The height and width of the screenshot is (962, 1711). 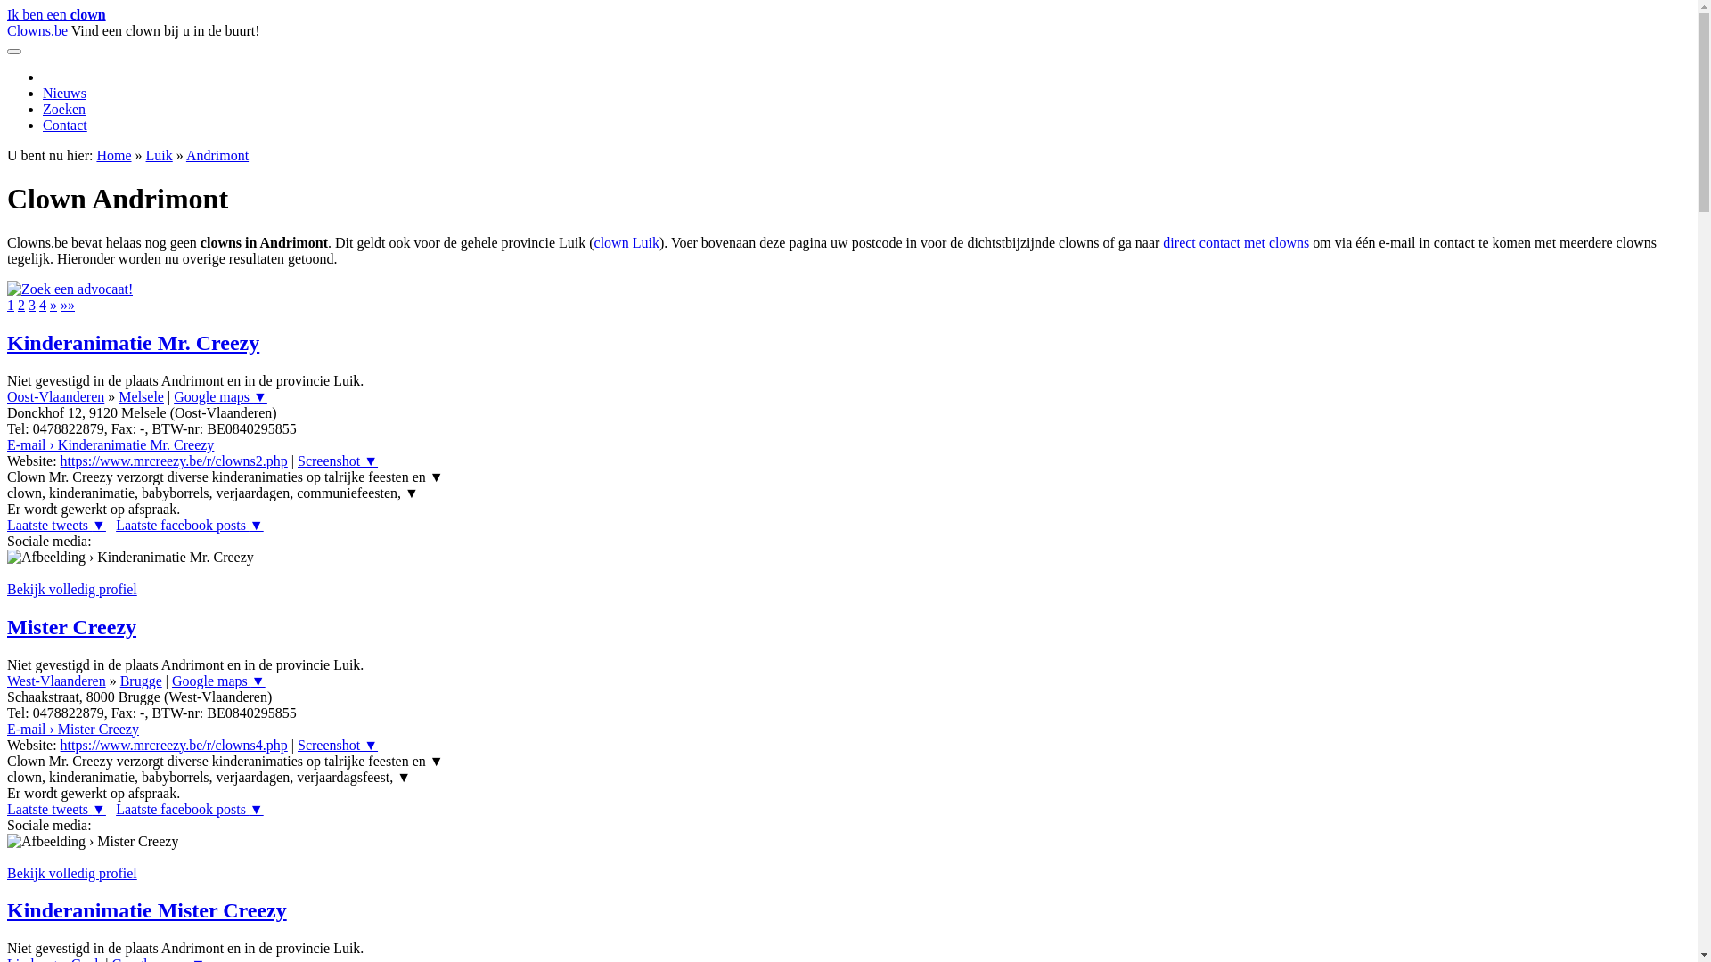 What do you see at coordinates (43, 304) in the screenshot?
I see `'4'` at bounding box center [43, 304].